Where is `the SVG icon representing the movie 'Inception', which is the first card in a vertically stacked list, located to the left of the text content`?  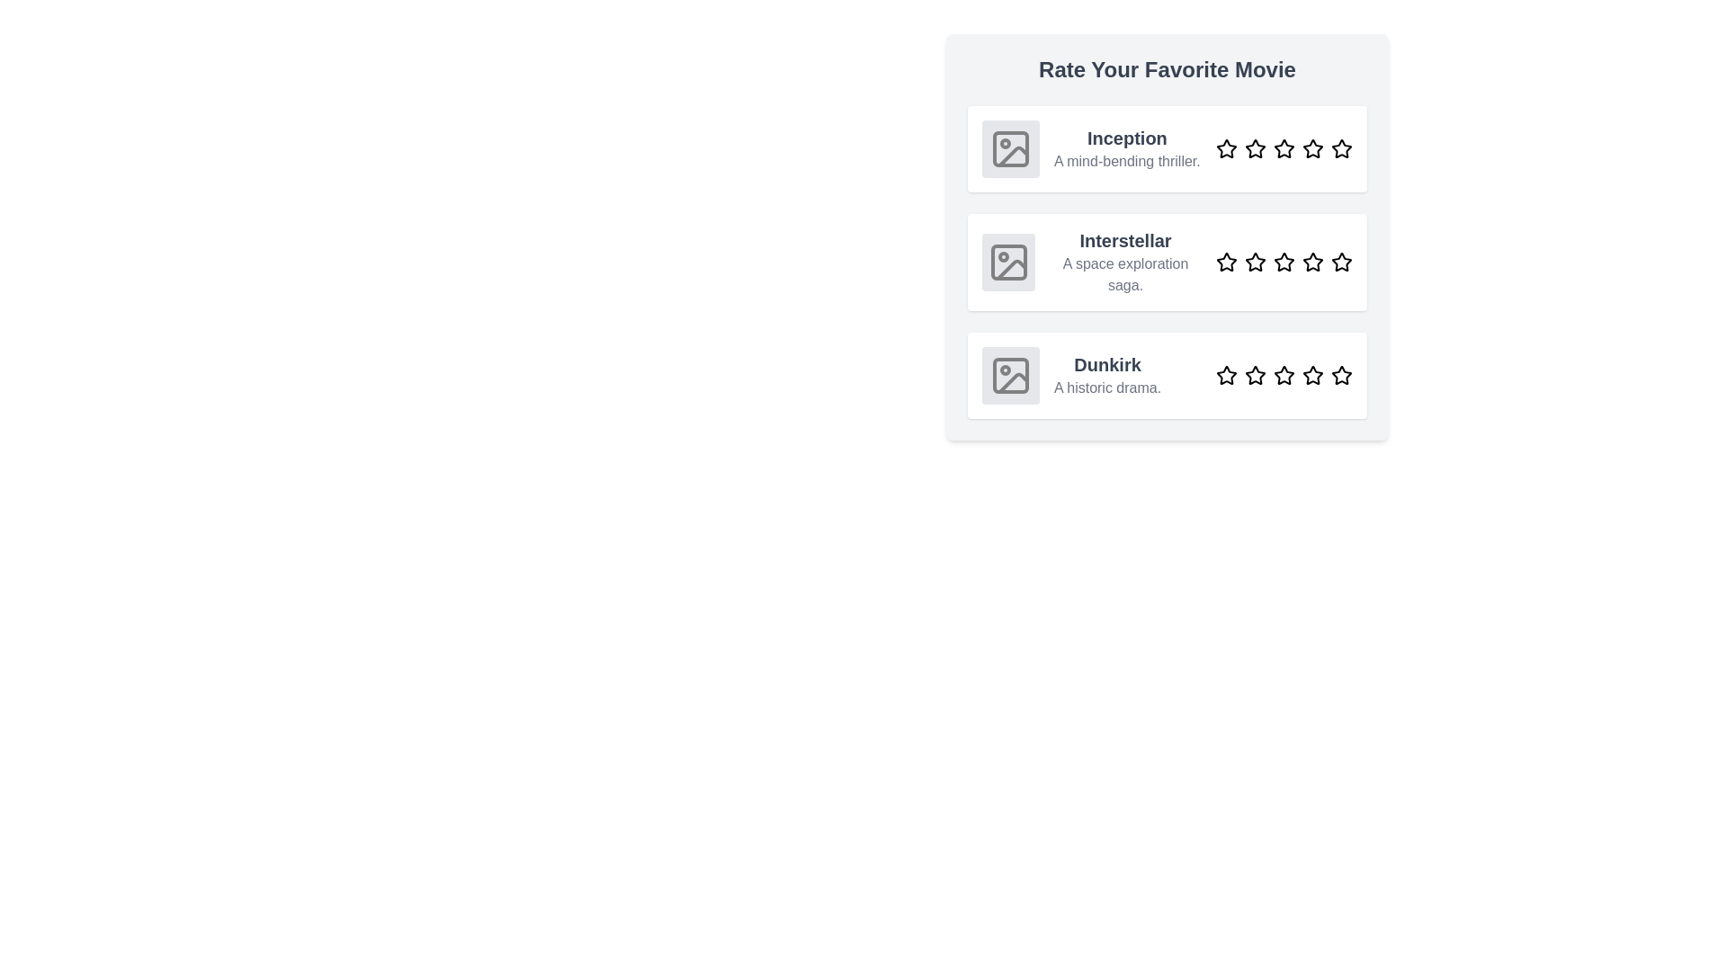
the SVG icon representing the movie 'Inception', which is the first card in a vertically stacked list, located to the left of the text content is located at coordinates (1010, 147).